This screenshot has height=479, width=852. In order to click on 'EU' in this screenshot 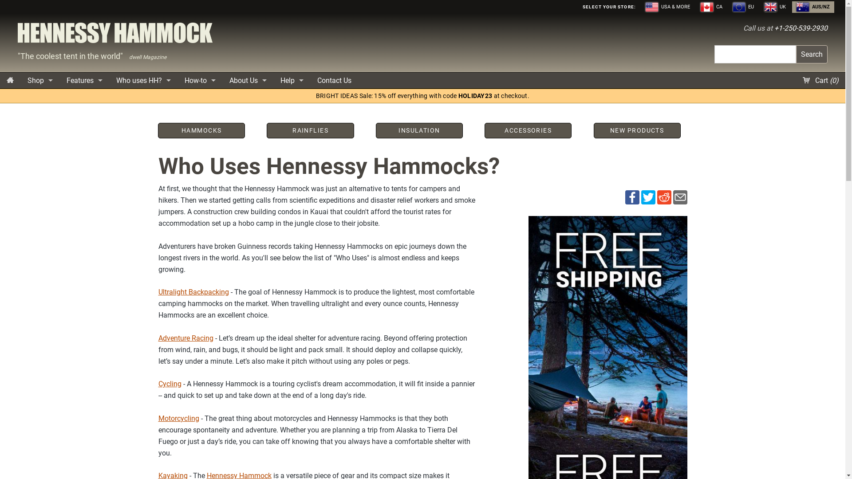, I will do `click(743, 7)`.